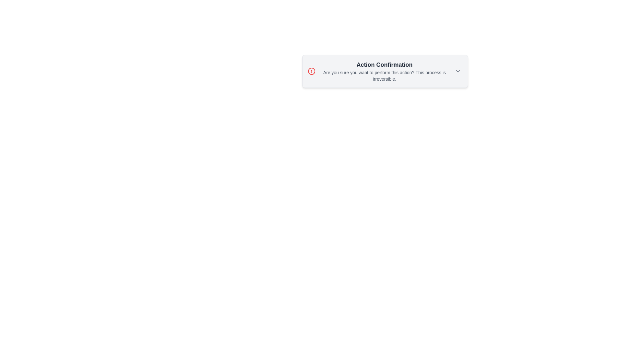 This screenshot has height=350, width=622. I want to click on the Dropdown toggle button located at the top-right corner of the 'Action Confirmation' dialog box, adjacent to the descriptive text, so click(458, 71).